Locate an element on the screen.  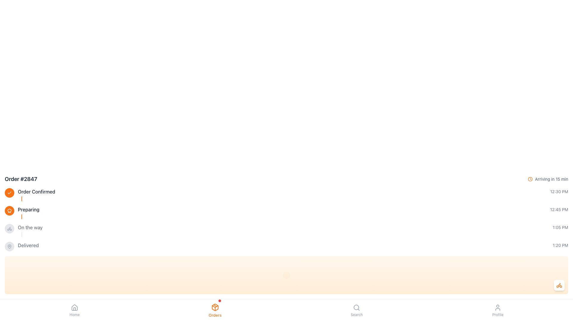
the text element displaying '12:30 PM', which is styled with a small, gray font and located in the upper-right area of the user interface, adjacent to 'Order Confirmed' is located at coordinates (559, 192).